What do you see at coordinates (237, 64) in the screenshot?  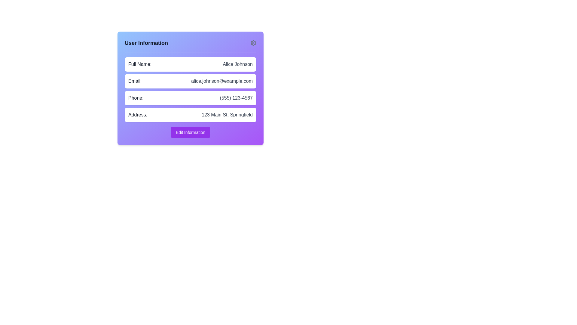 I see `text label displaying 'Alice Johnson' which is located to the right of the 'Full Name:' label in the User Information section` at bounding box center [237, 64].